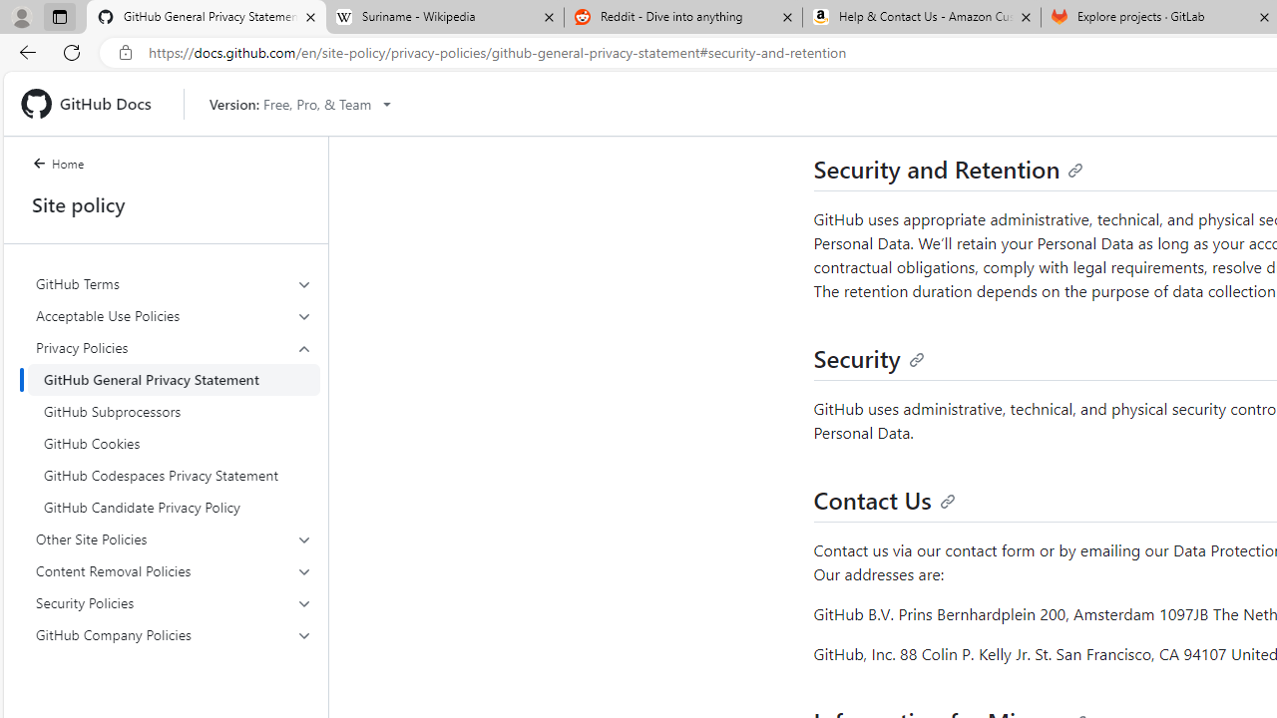  Describe the element at coordinates (174, 601) in the screenshot. I see `'Security Policies'` at that location.